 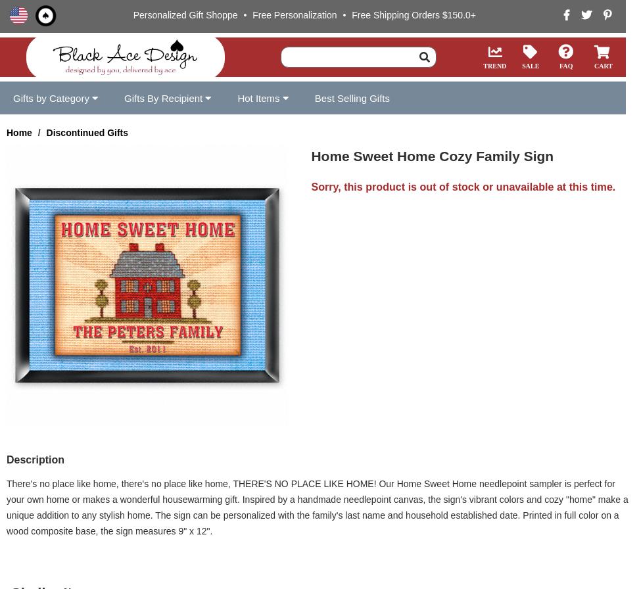 I want to click on 'Personalized Gift Shoppe', so click(x=186, y=15).